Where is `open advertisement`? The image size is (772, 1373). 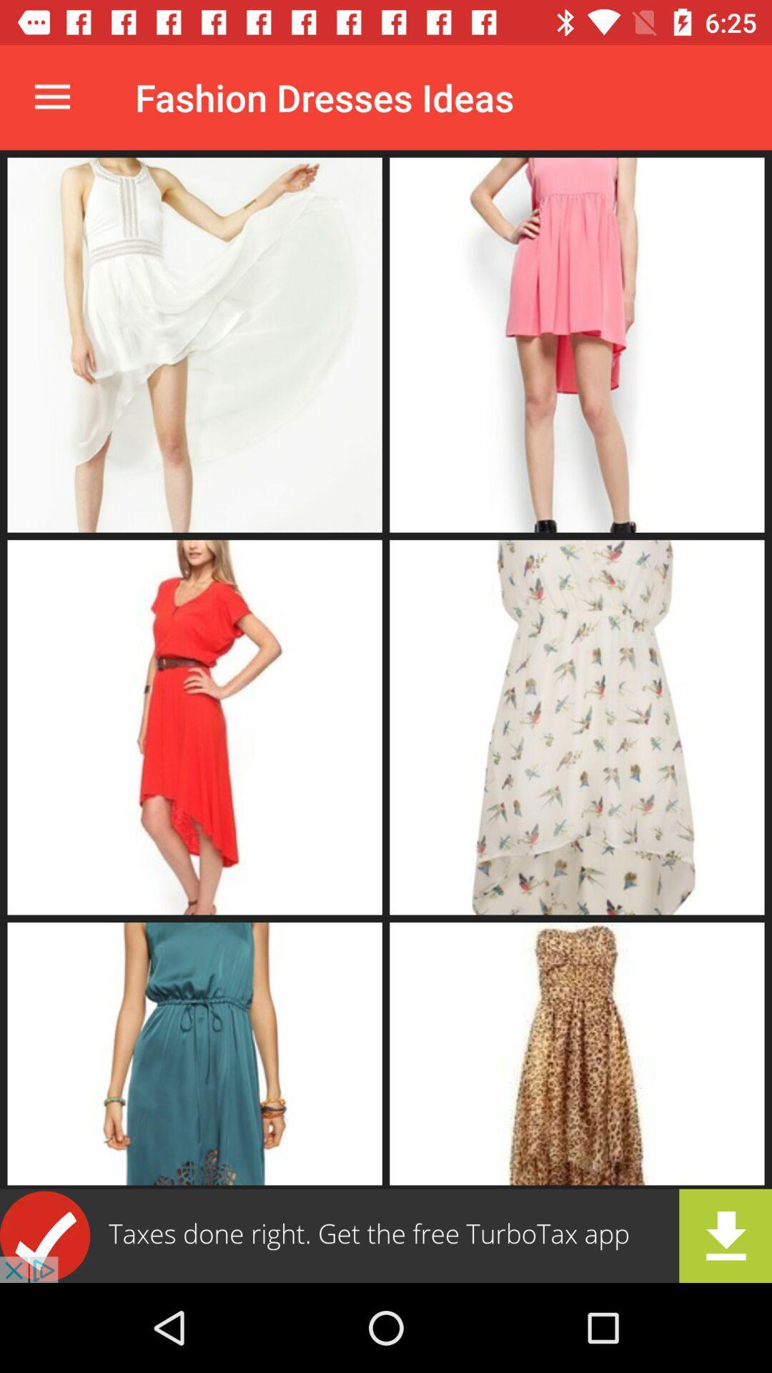
open advertisement is located at coordinates (386, 1235).